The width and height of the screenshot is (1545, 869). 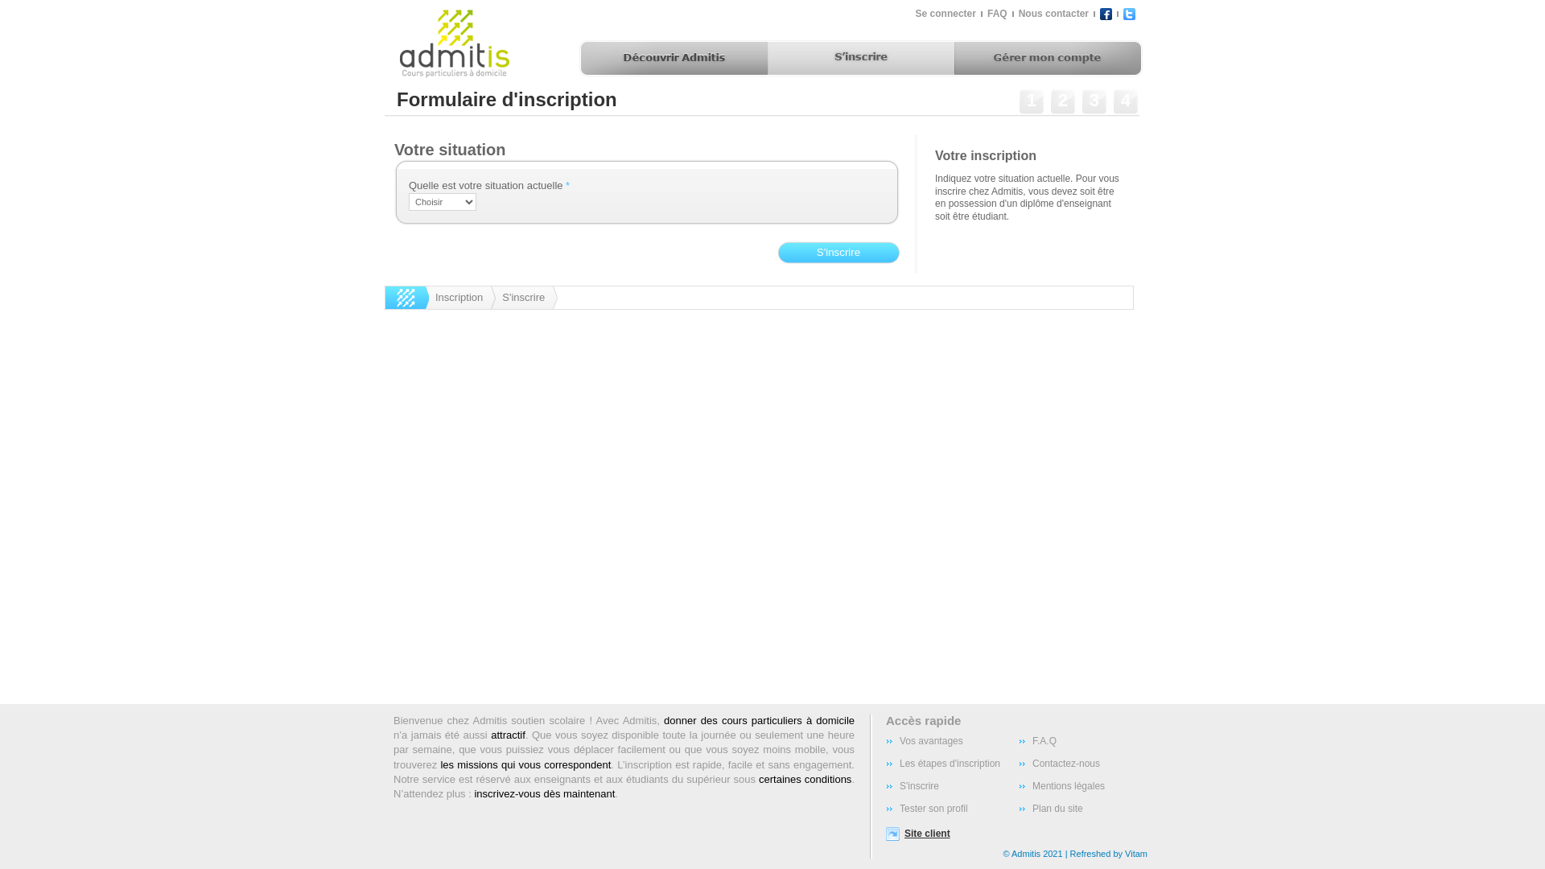 I want to click on 'Refreshed by Vitam', so click(x=1107, y=852).